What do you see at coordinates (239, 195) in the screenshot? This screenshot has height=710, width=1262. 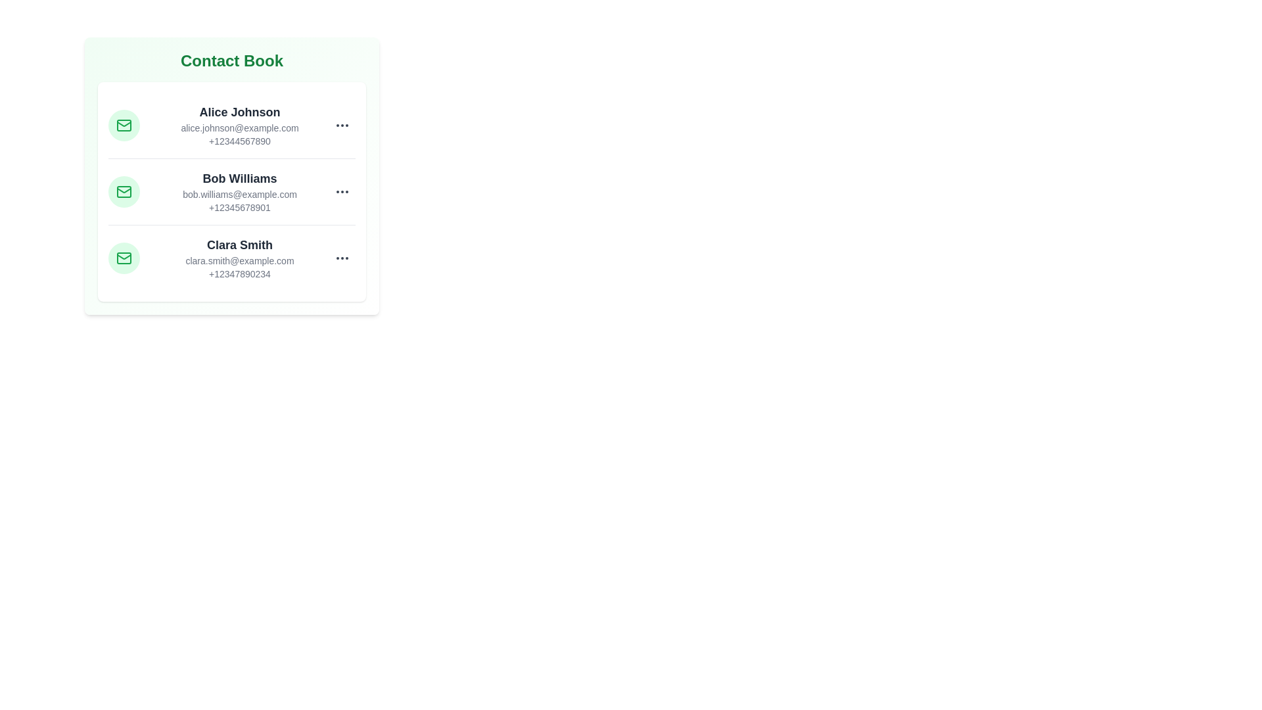 I see `the email of Bob Williams to interact with it` at bounding box center [239, 195].